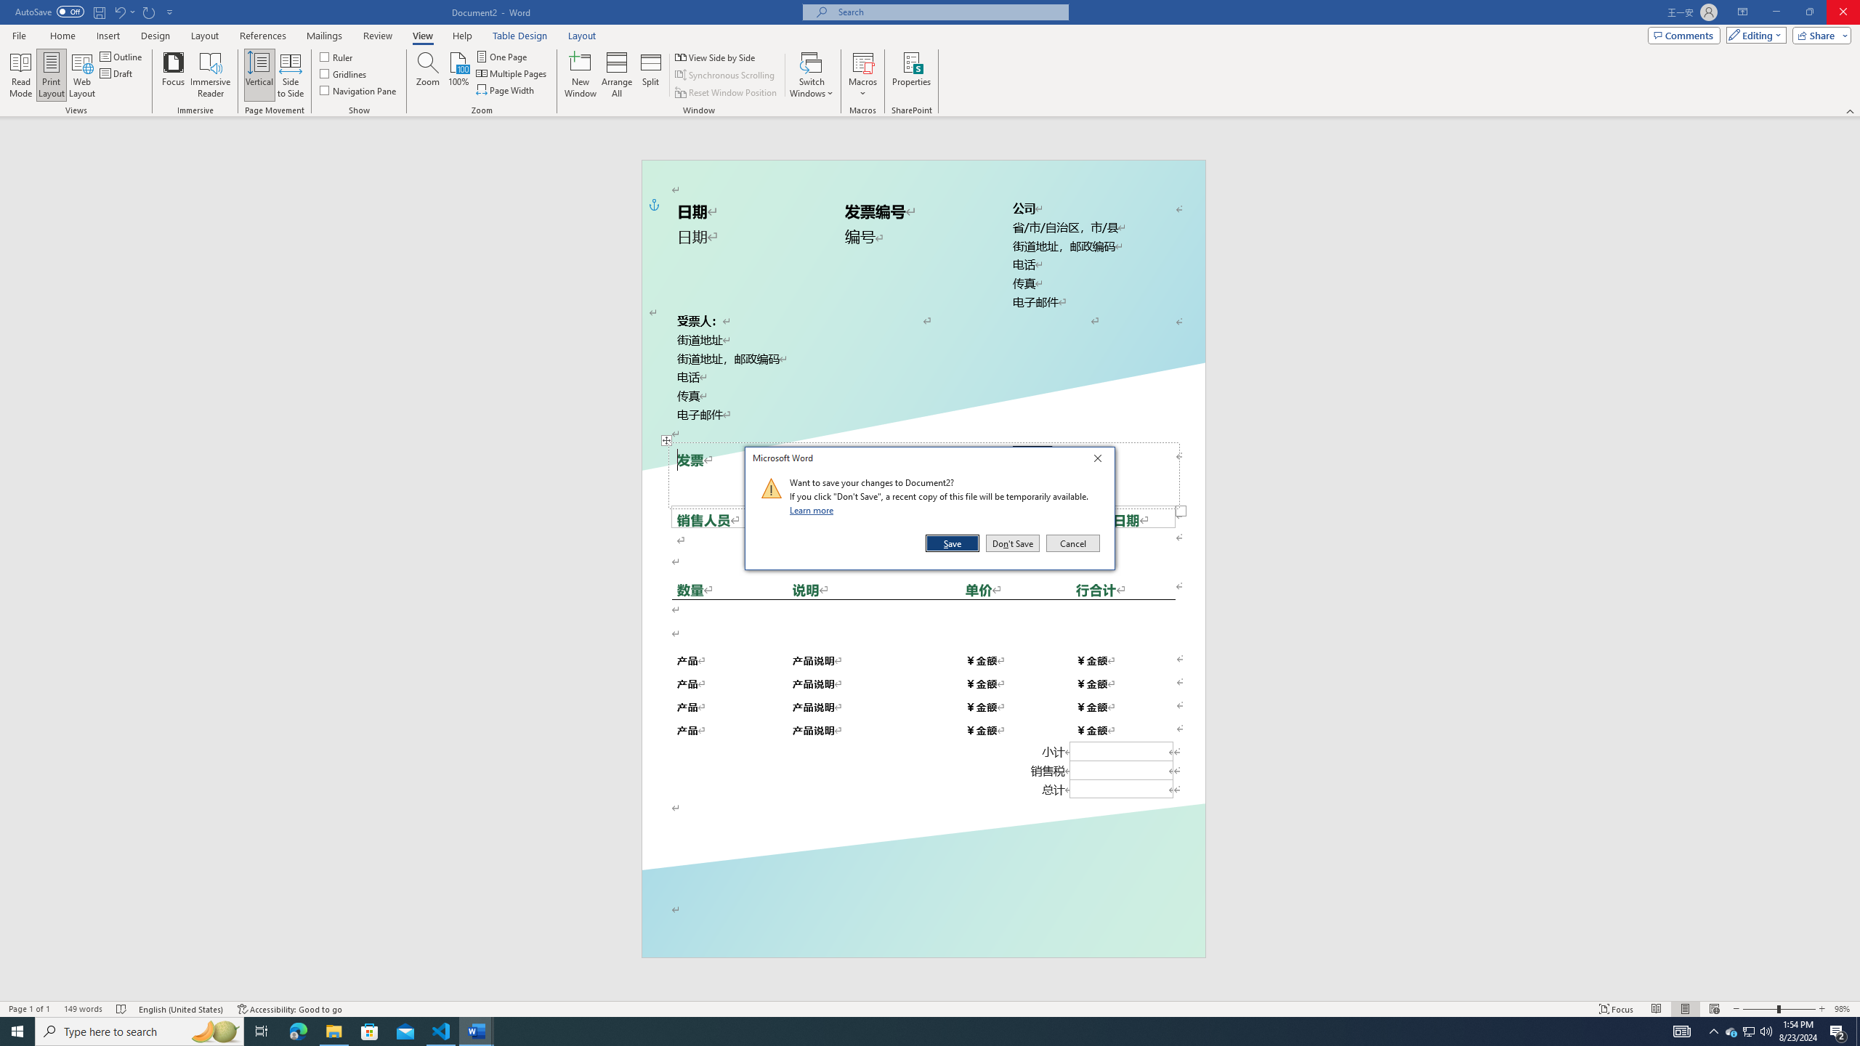  What do you see at coordinates (29, 1009) in the screenshot?
I see `'Page Number Page 1 of 1'` at bounding box center [29, 1009].